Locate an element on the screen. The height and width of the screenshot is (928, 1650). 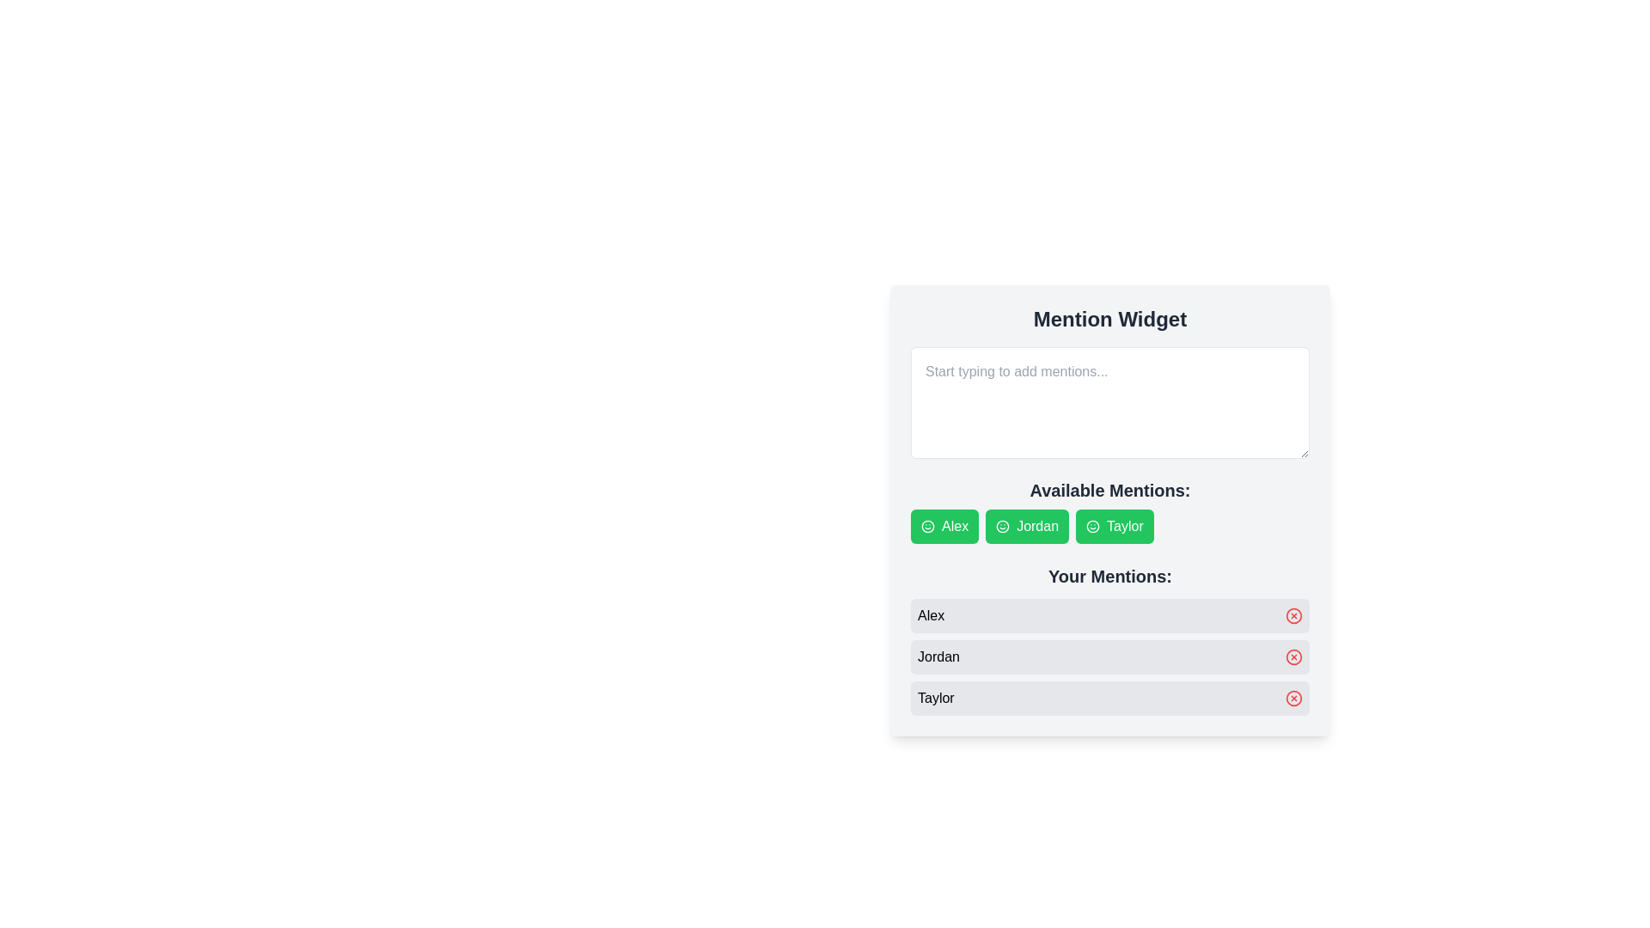
the Static Text Label displaying 'Available Mentions:' which is styled prominently with bold and larger font, located above the green buttons 'Alex', 'Jordan', and 'Taylor' is located at coordinates (1109, 490).